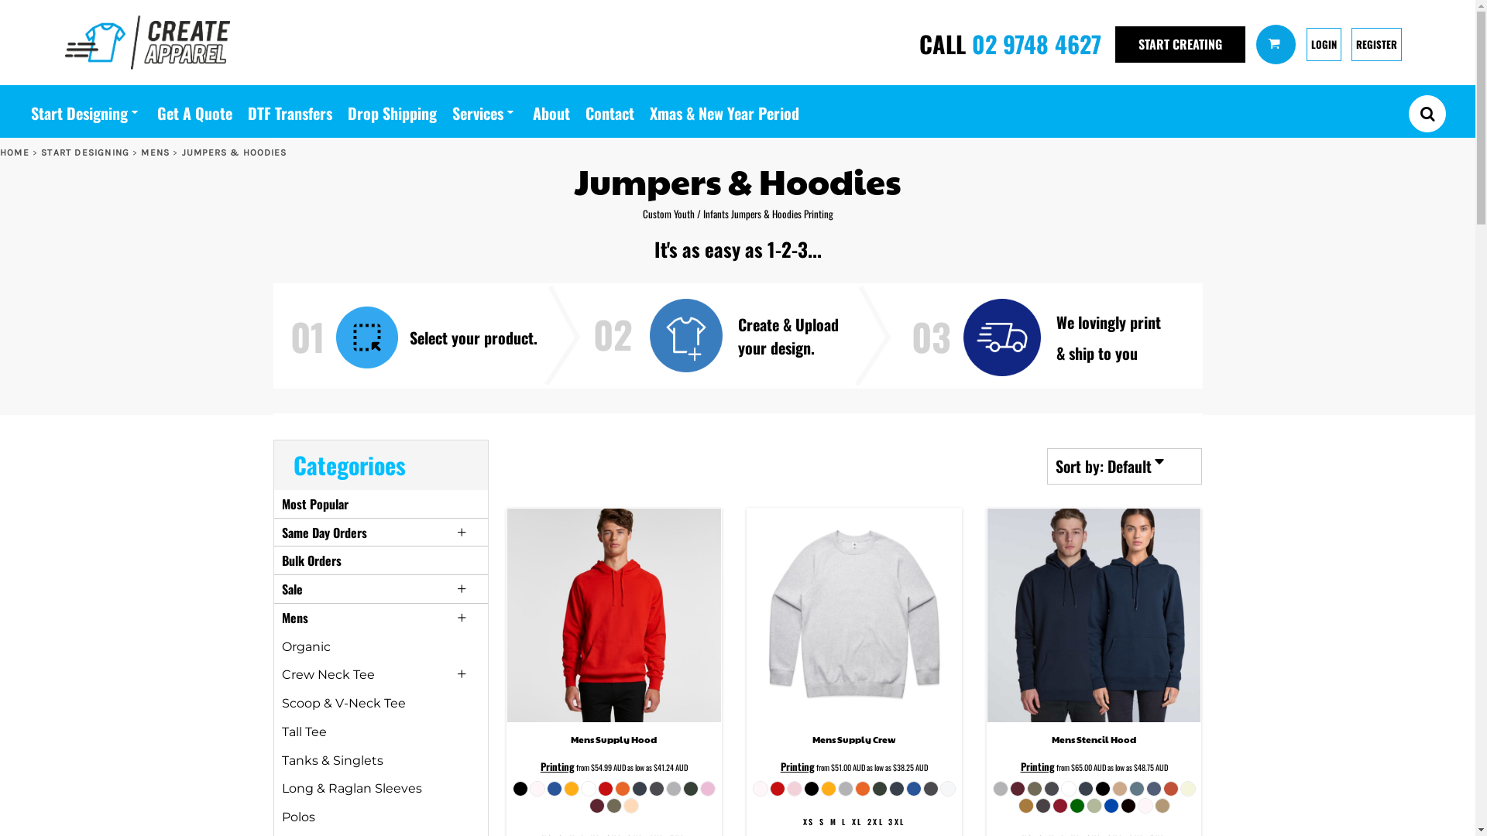 The width and height of the screenshot is (1487, 836). What do you see at coordinates (483, 110) in the screenshot?
I see `'Services'` at bounding box center [483, 110].